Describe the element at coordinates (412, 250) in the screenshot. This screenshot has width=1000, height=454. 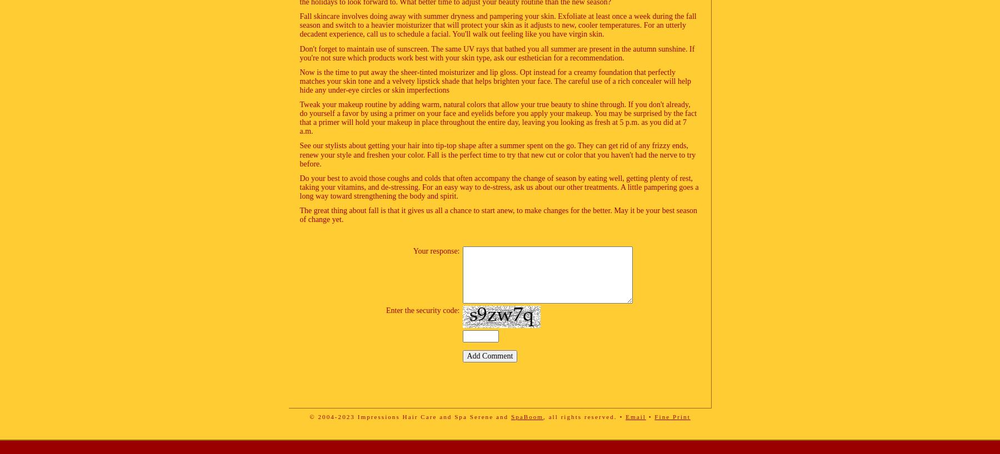
I see `'Your response:'` at that location.